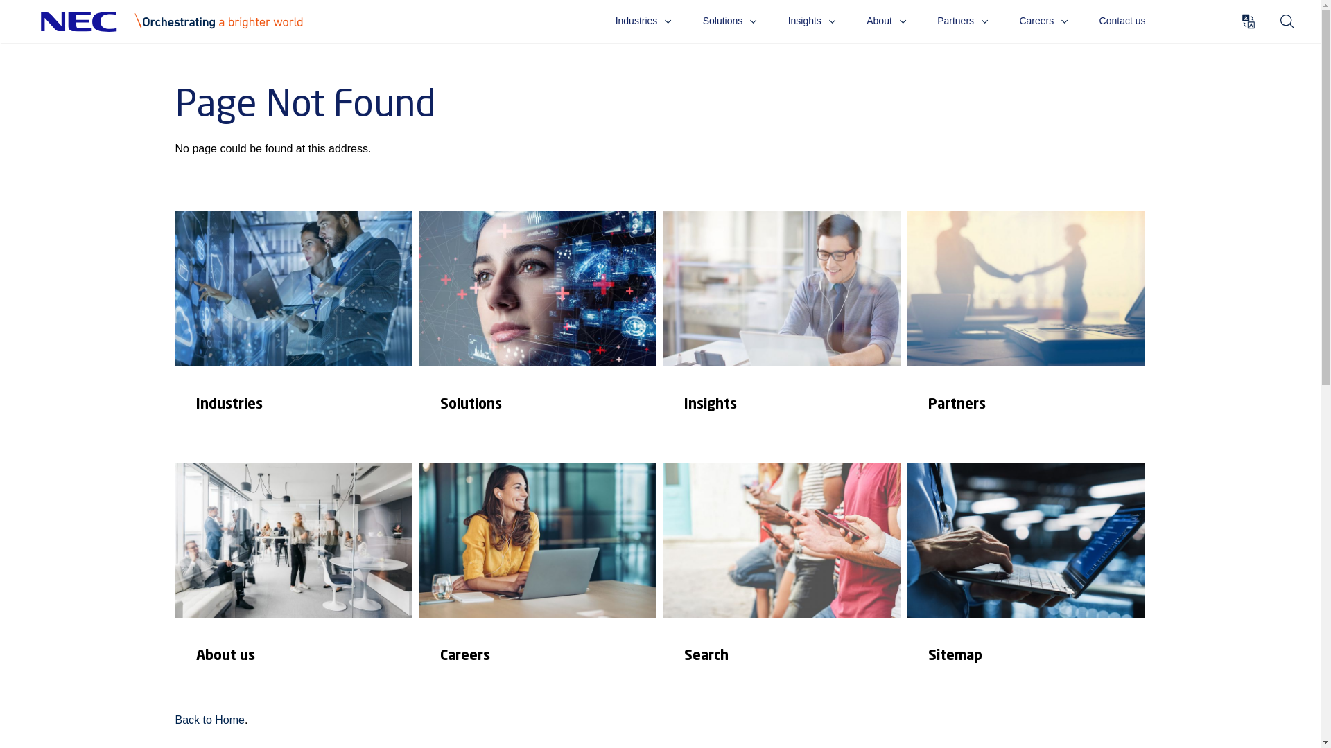 The height and width of the screenshot is (748, 1331). Describe the element at coordinates (865, 21) in the screenshot. I see `'About'` at that location.